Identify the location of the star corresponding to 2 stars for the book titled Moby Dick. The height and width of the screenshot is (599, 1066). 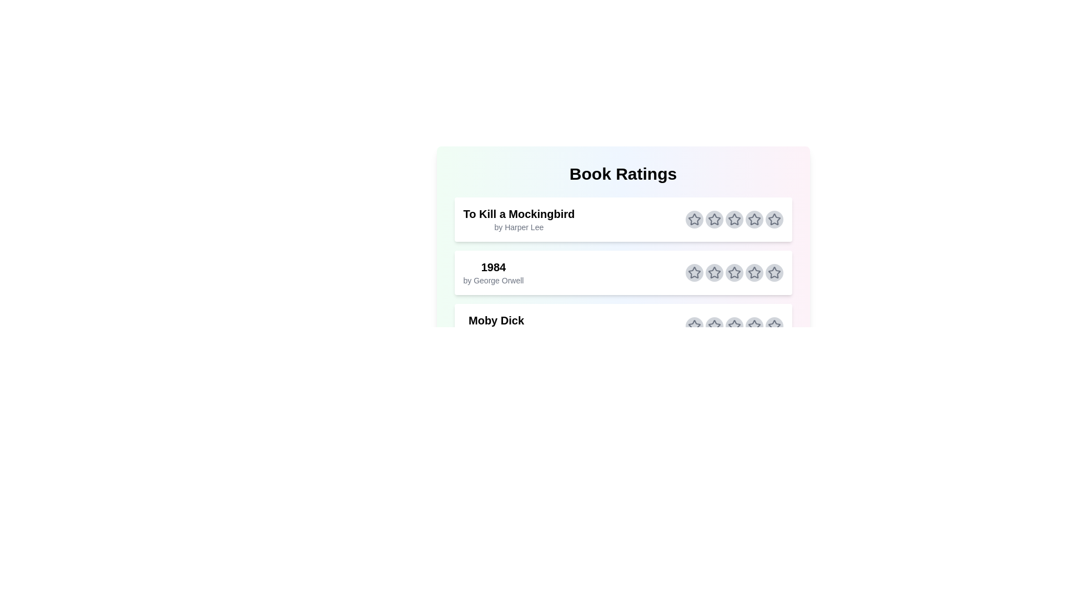
(714, 325).